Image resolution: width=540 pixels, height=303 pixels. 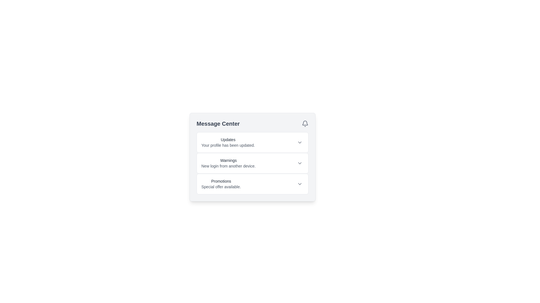 What do you see at coordinates (299, 184) in the screenshot?
I see `the downward-pointing chevron icon in the 'Promotions' section of the 'Message Center' card` at bounding box center [299, 184].